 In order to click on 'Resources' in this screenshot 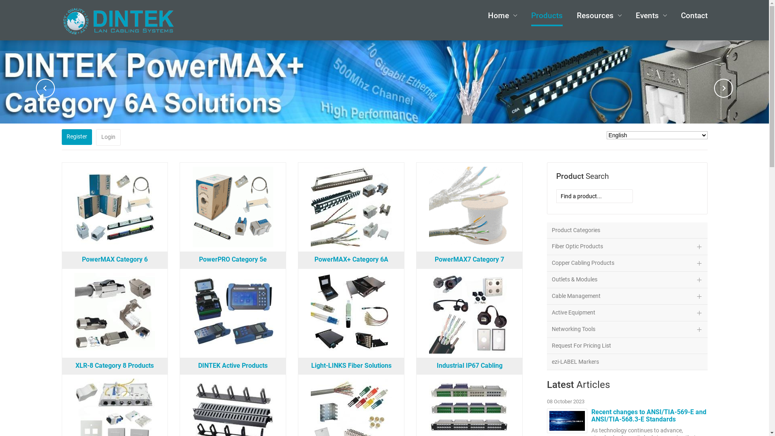, I will do `click(599, 15)`.